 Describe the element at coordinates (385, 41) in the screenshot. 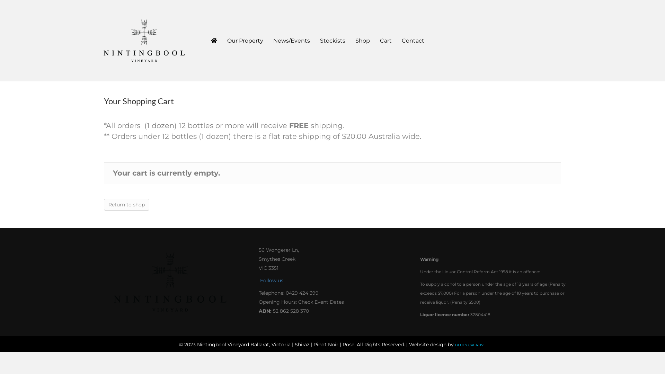

I see `'Cart'` at that location.